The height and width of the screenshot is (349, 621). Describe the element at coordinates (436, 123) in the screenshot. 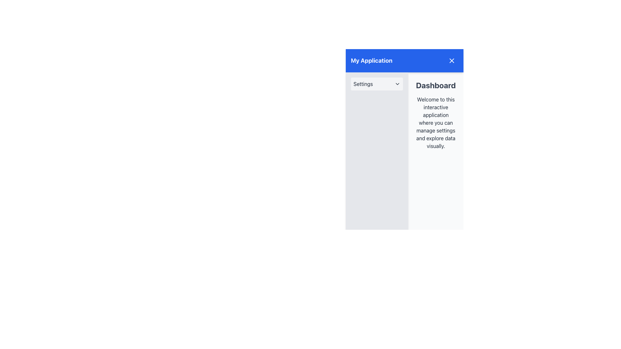

I see `the text block styled in gray, located directly below the 'Dashboard' heading in the central-right section of the UI` at that location.